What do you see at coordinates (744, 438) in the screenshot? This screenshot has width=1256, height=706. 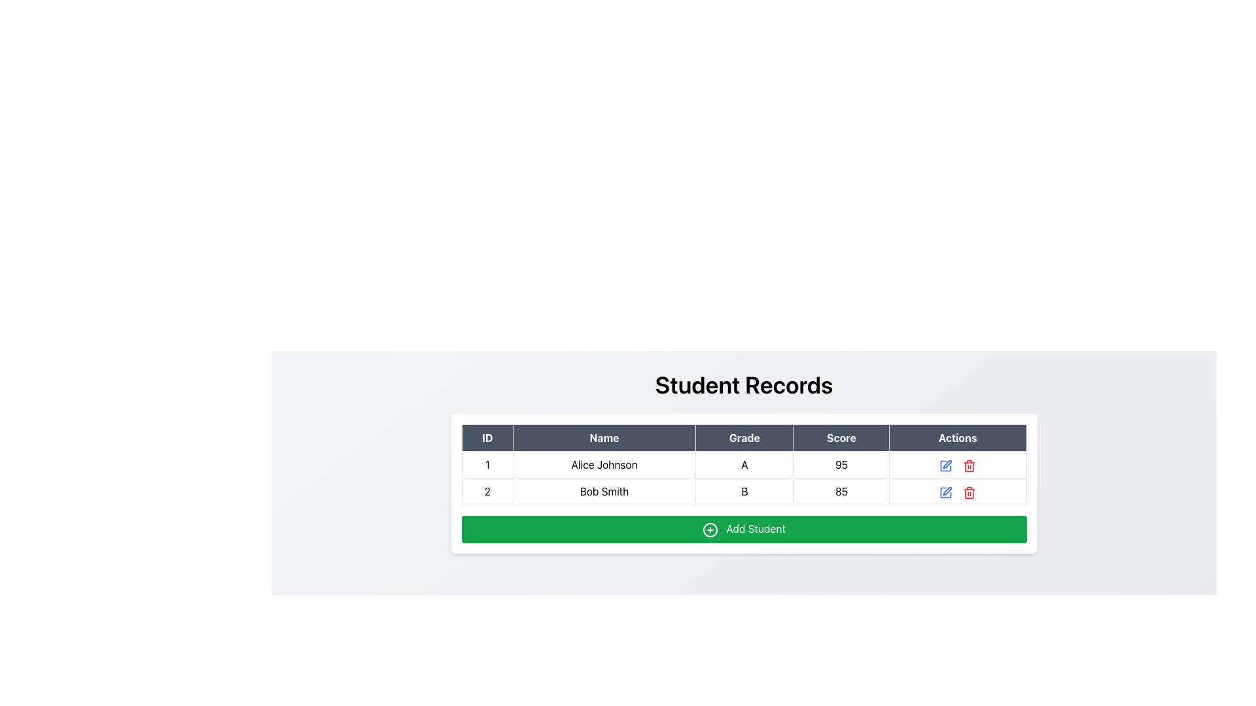 I see `the 'Grade' column header cell, which is the third header cell in the table that includes 'ID', 'Name', 'Grade', 'Score', and 'Actions'` at bounding box center [744, 438].